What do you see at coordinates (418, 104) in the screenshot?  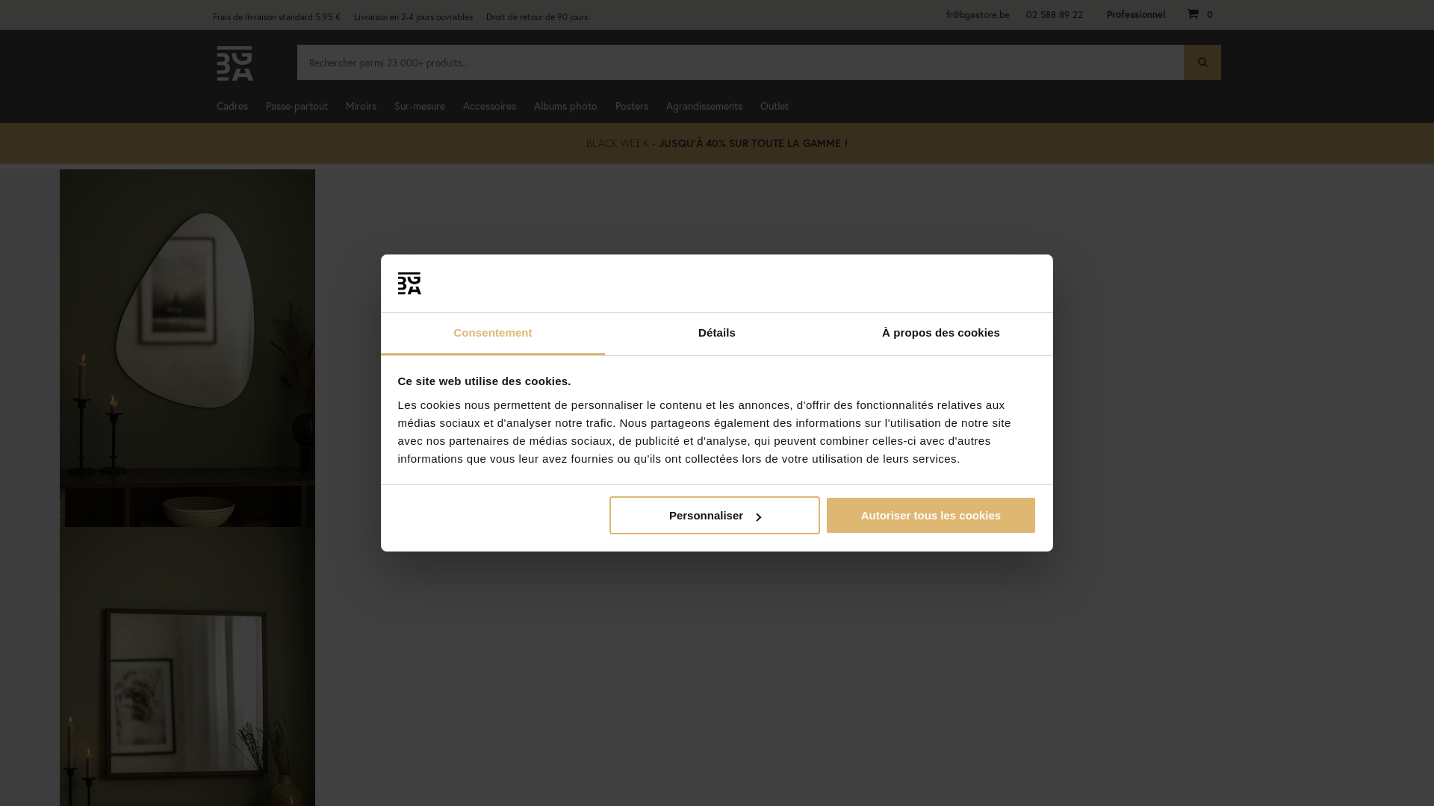 I see `'Sur-mesure'` at bounding box center [418, 104].